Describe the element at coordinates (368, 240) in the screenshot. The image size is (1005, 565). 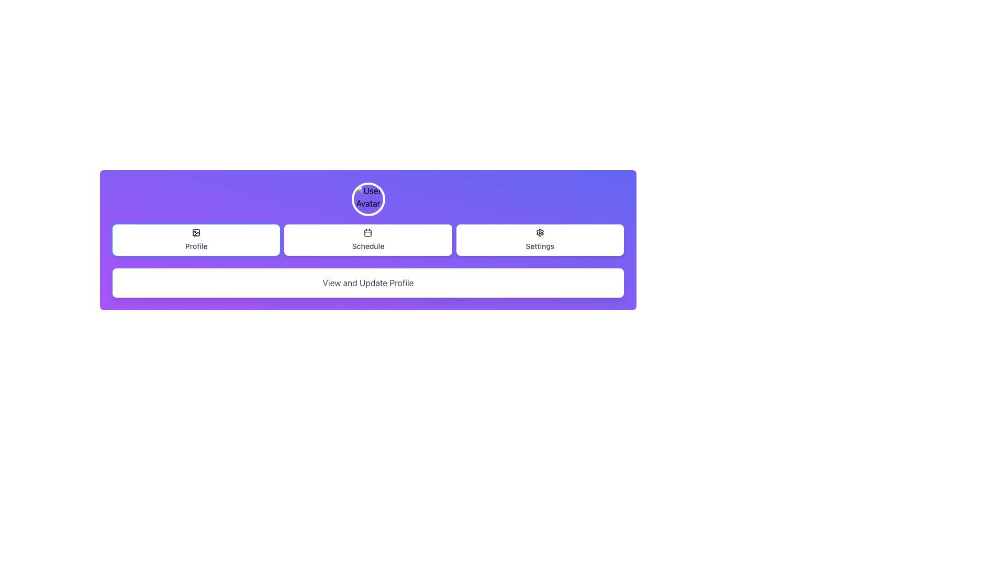
I see `the 'Schedule' button in the middle section of three horizontally aligned sections labeled 'Profile', 'Schedule', and 'Settings'` at that location.